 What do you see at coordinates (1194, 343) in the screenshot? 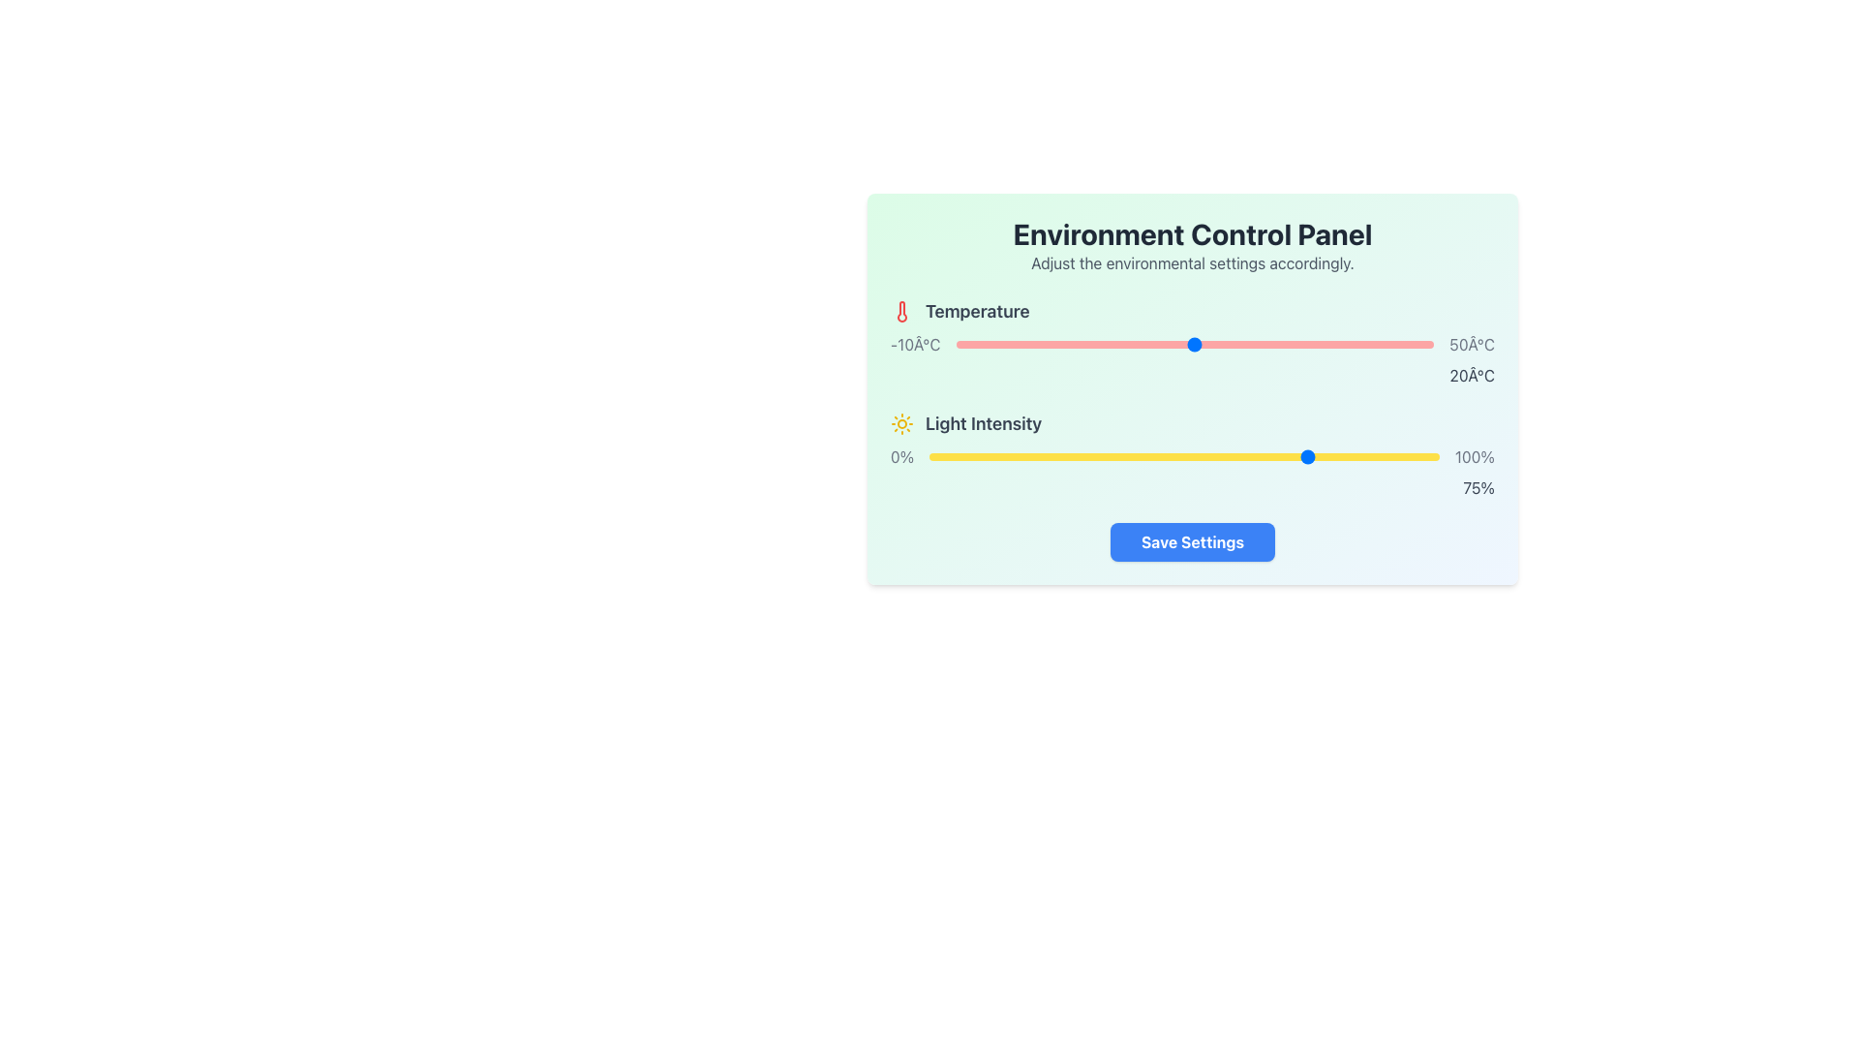
I see `temperature` at bounding box center [1194, 343].